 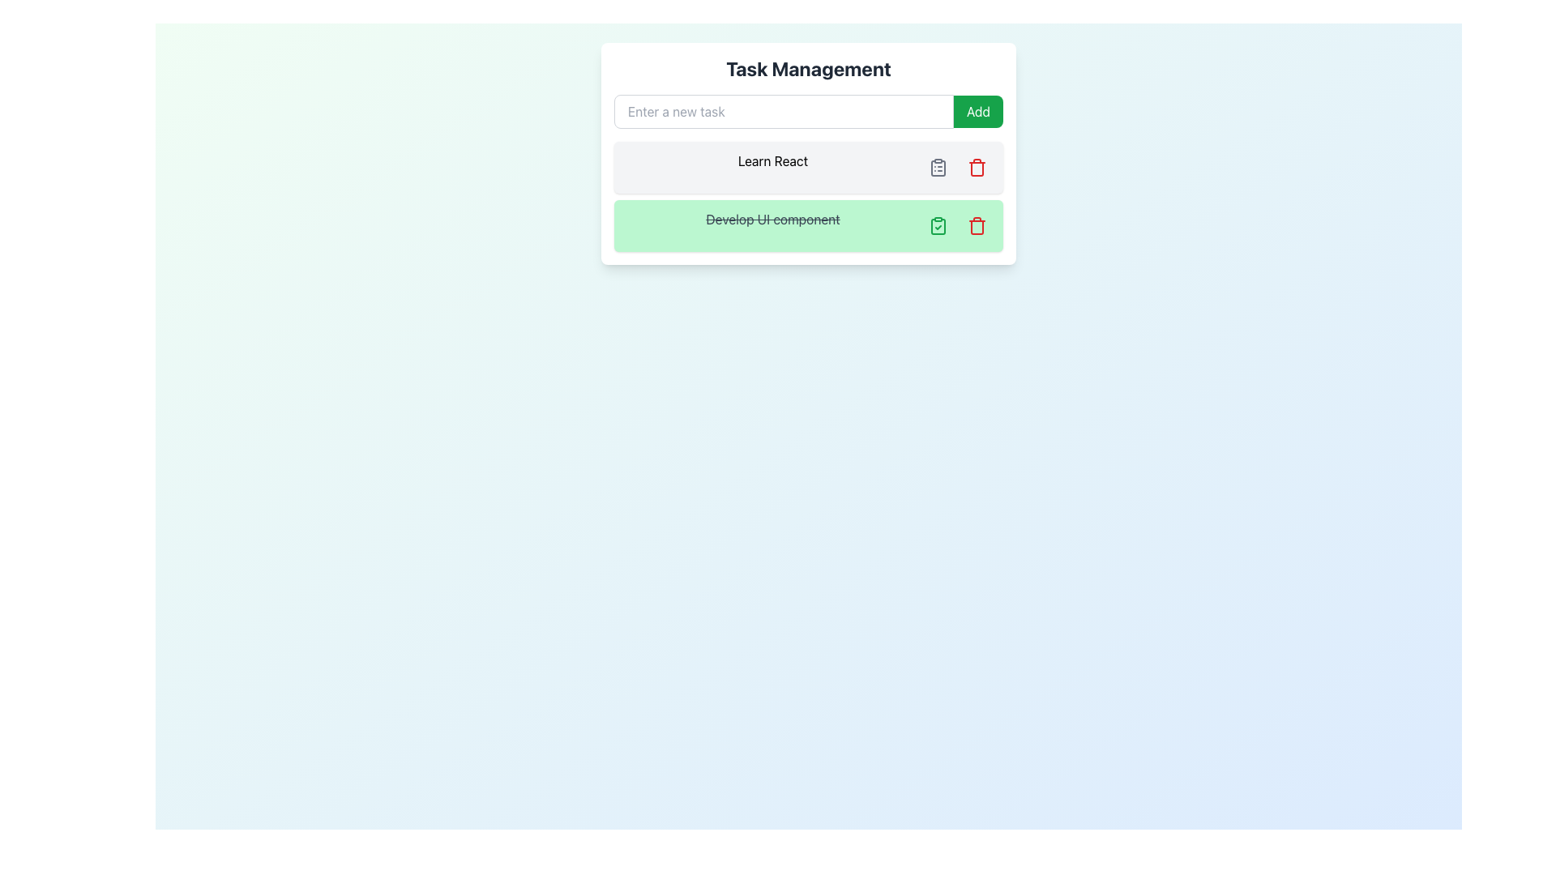 I want to click on the delete button located to the far right of the second item in the task management interface titled 'Learn React', so click(x=976, y=168).